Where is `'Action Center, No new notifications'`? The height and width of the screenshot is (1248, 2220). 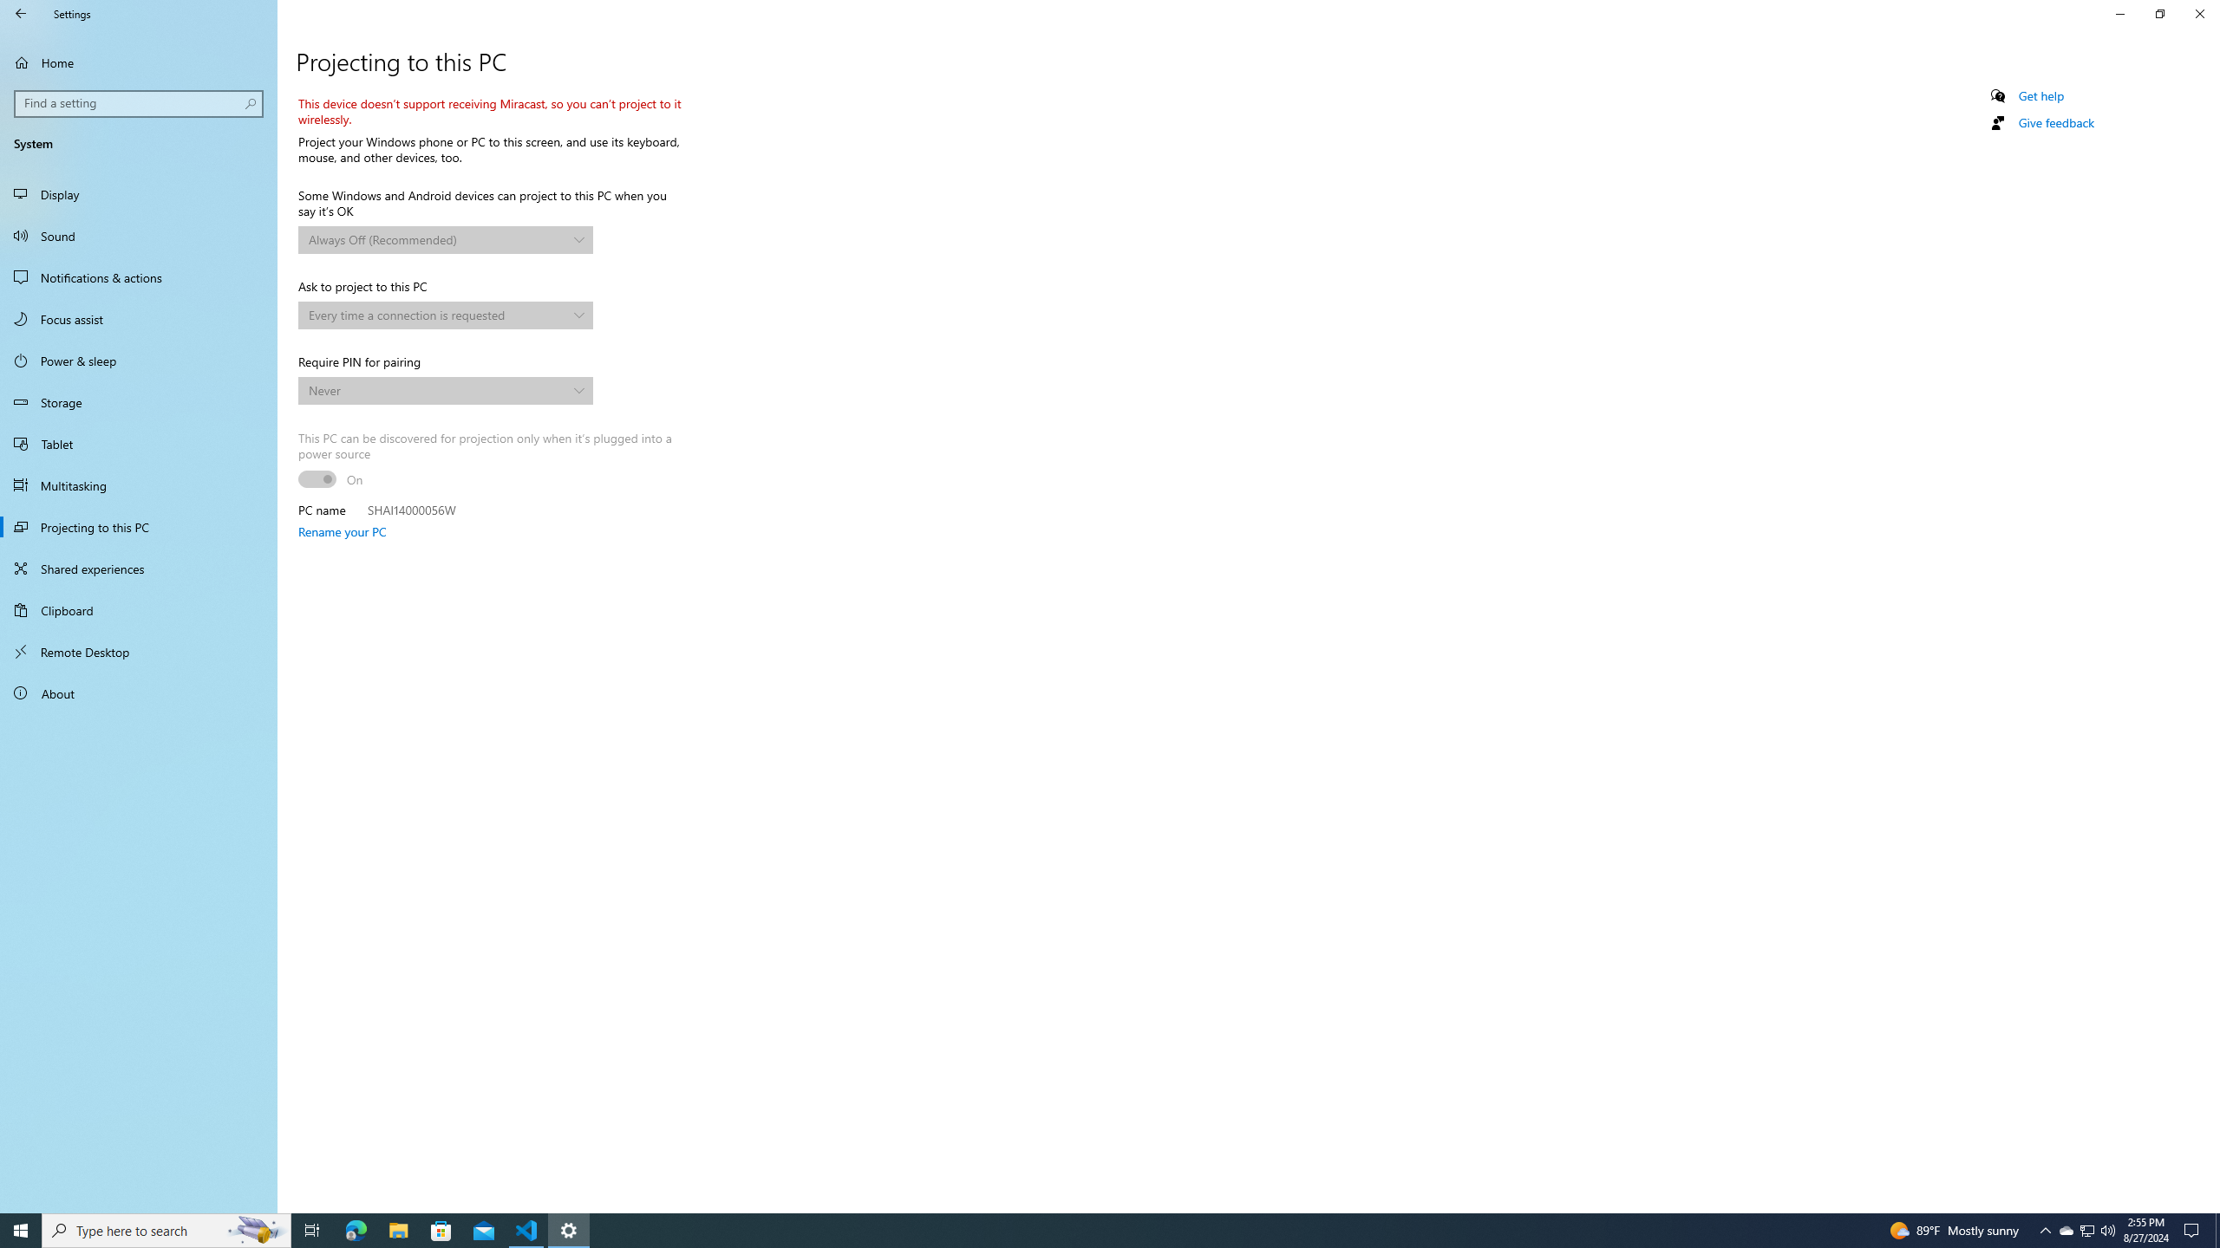
'Action Center, No new notifications' is located at coordinates (2194, 1229).